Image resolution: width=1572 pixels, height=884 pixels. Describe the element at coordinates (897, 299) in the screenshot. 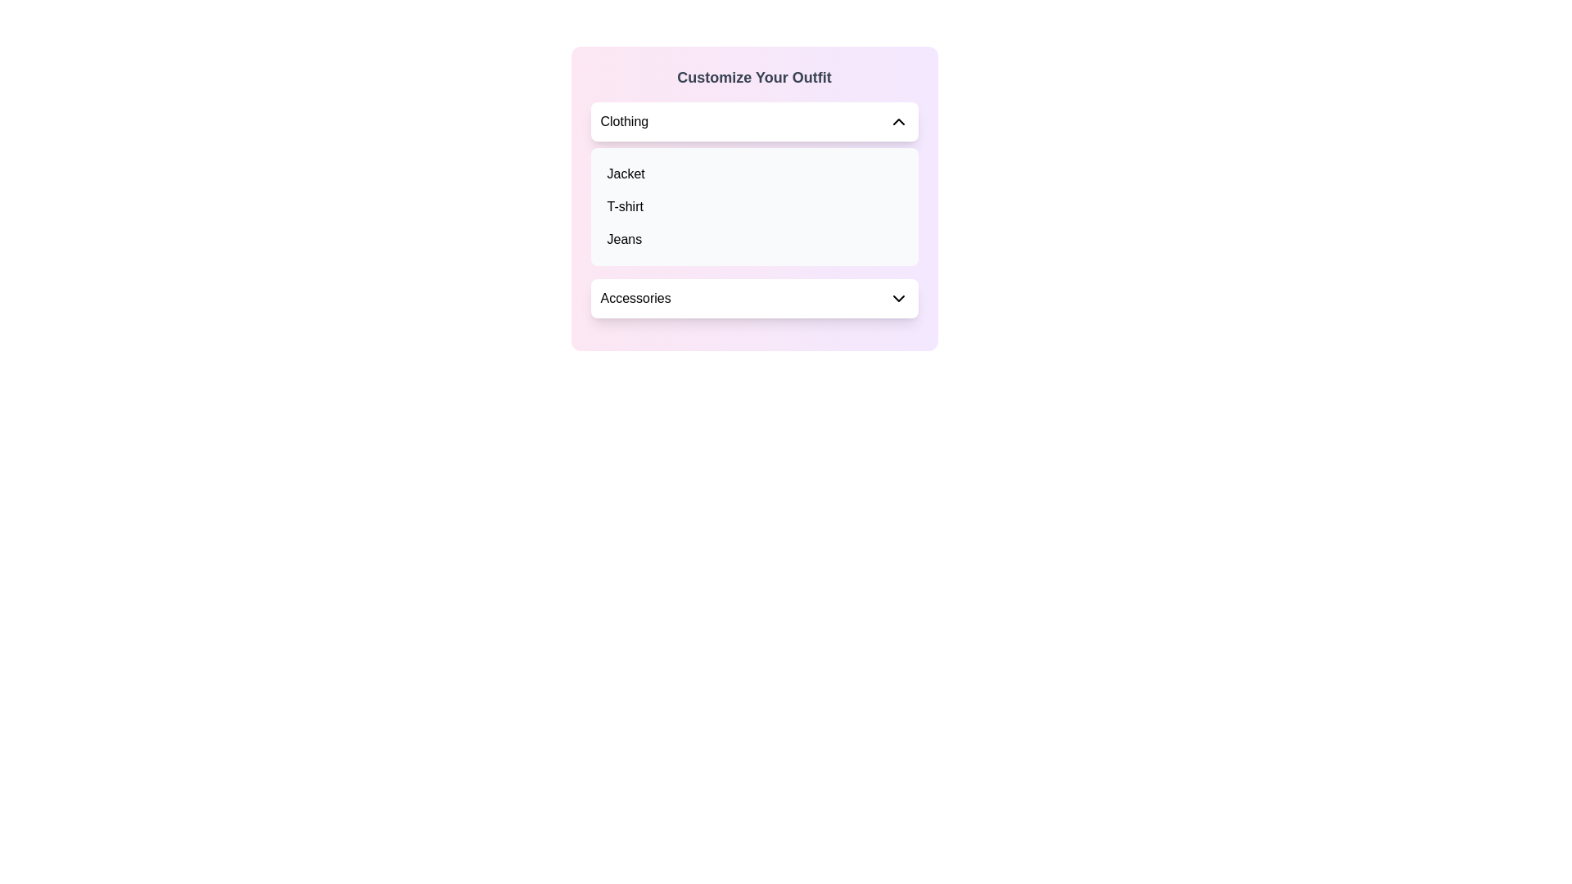

I see `the chevron-down SVG icon indicating dropdown options next to the 'Accessories' label` at that location.